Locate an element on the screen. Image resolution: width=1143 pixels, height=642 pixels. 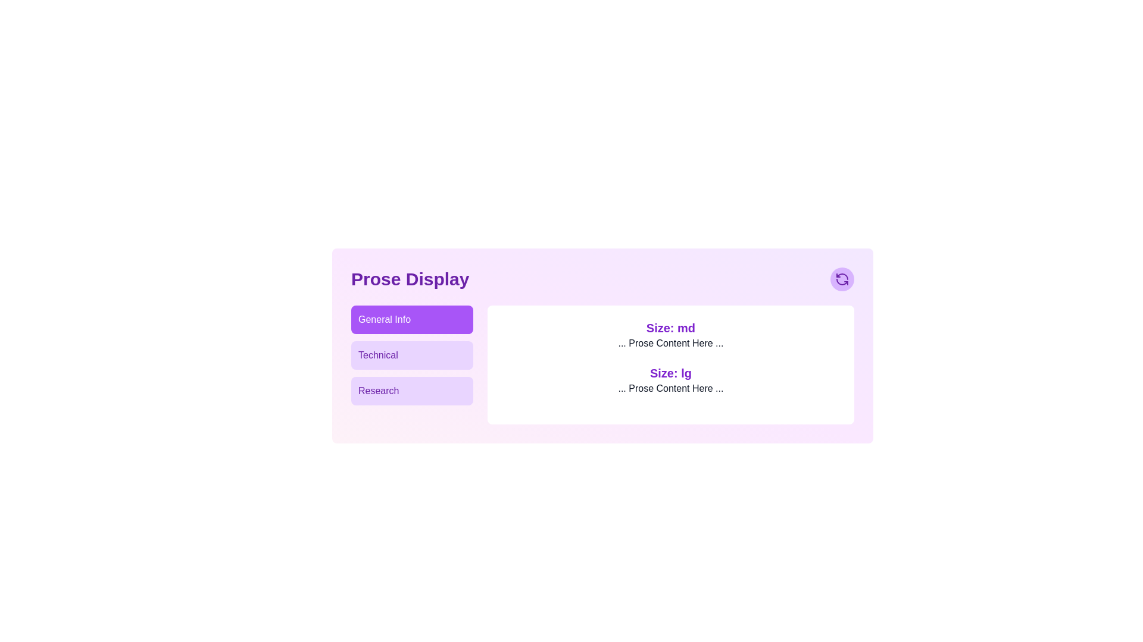
the text block styled with gray color and medium-sized font, located below the header labeled 'Size: md' is located at coordinates (671, 344).